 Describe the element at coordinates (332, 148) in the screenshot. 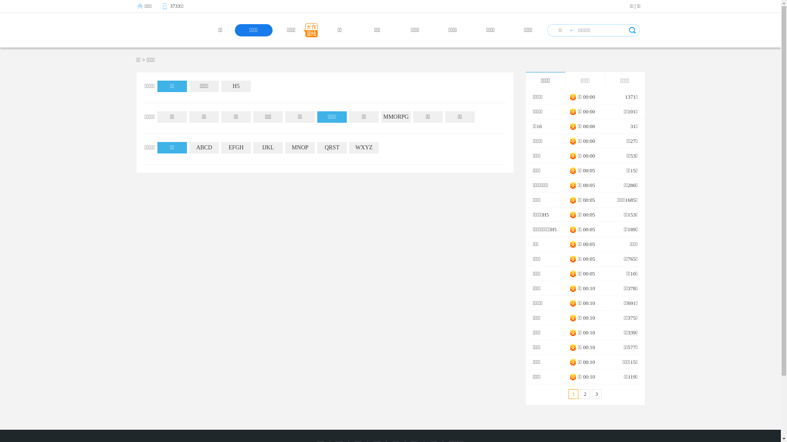

I see `'QRST'` at that location.